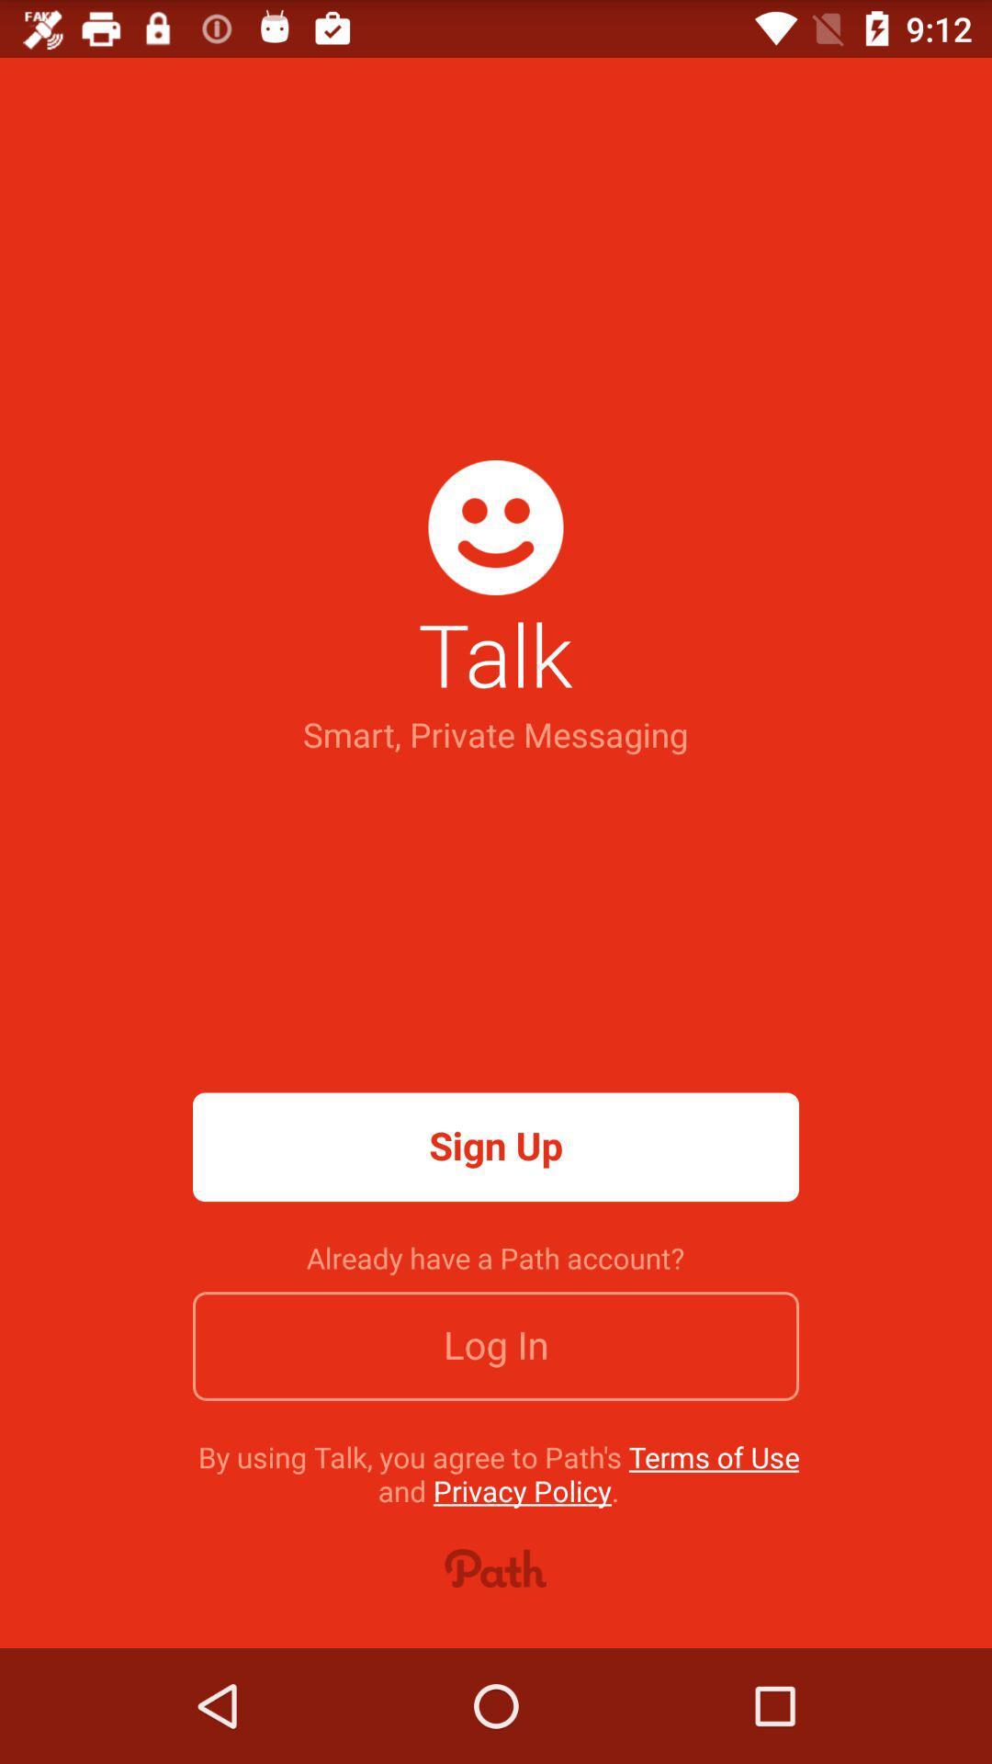 This screenshot has width=992, height=1764. I want to click on the item below the already have a icon, so click(496, 1346).